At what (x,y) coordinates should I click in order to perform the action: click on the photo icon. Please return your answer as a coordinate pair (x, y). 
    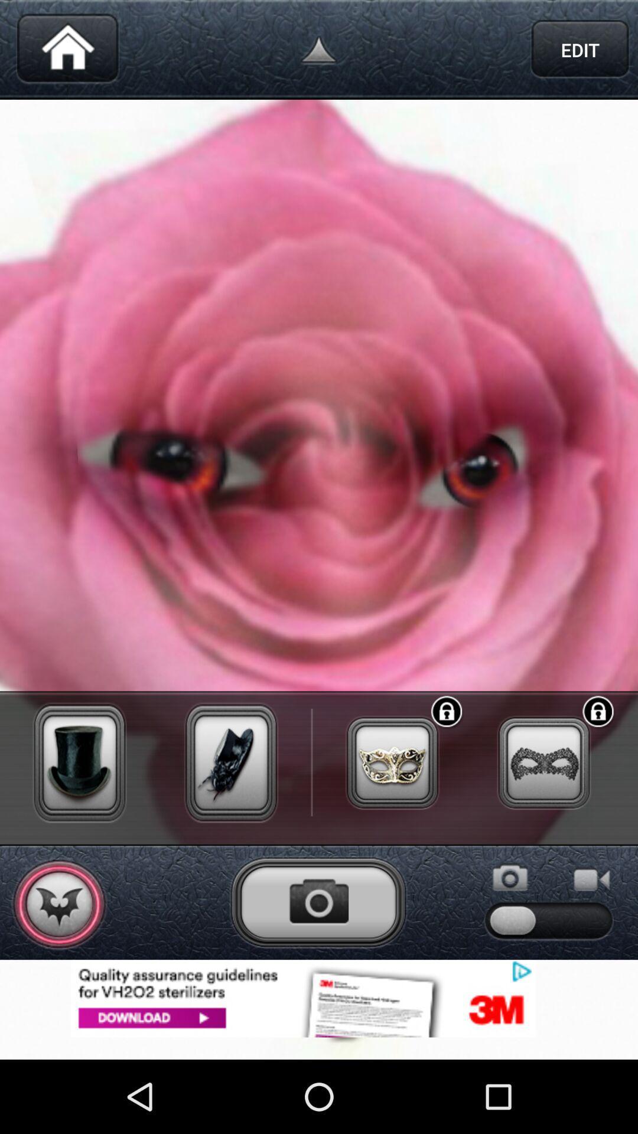
    Looking at the image, I should click on (318, 965).